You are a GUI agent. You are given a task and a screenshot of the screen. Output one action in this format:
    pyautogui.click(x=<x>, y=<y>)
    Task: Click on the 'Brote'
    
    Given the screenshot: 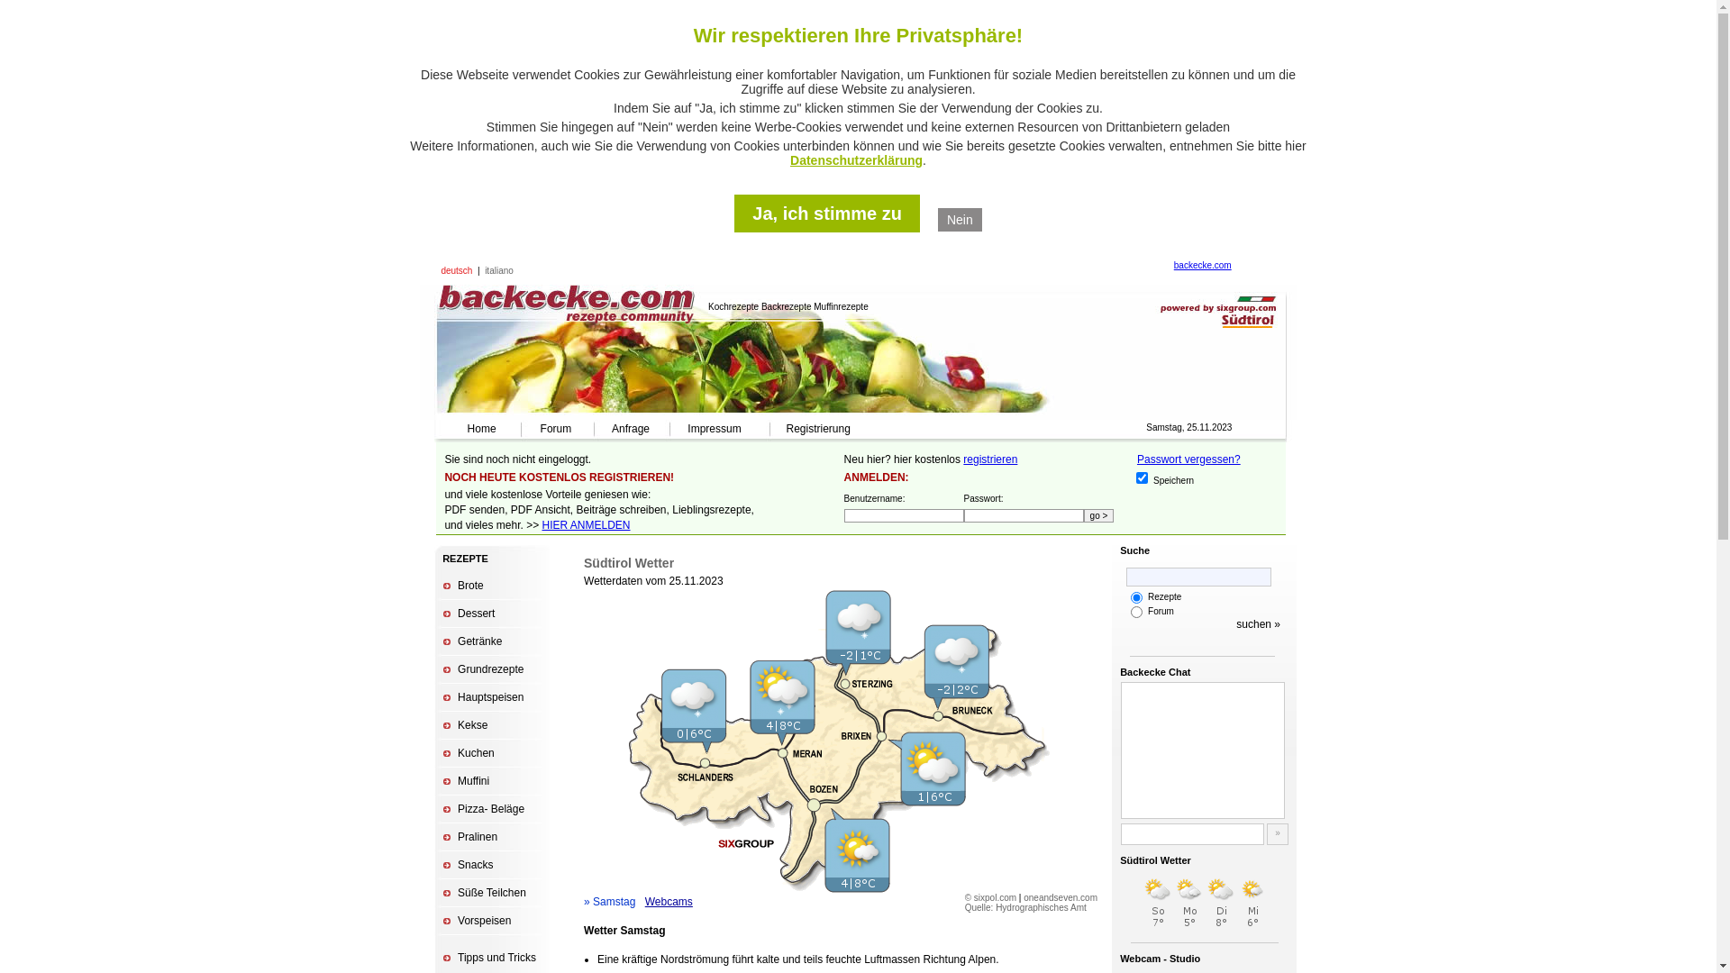 What is the action you would take?
    pyautogui.click(x=470, y=586)
    